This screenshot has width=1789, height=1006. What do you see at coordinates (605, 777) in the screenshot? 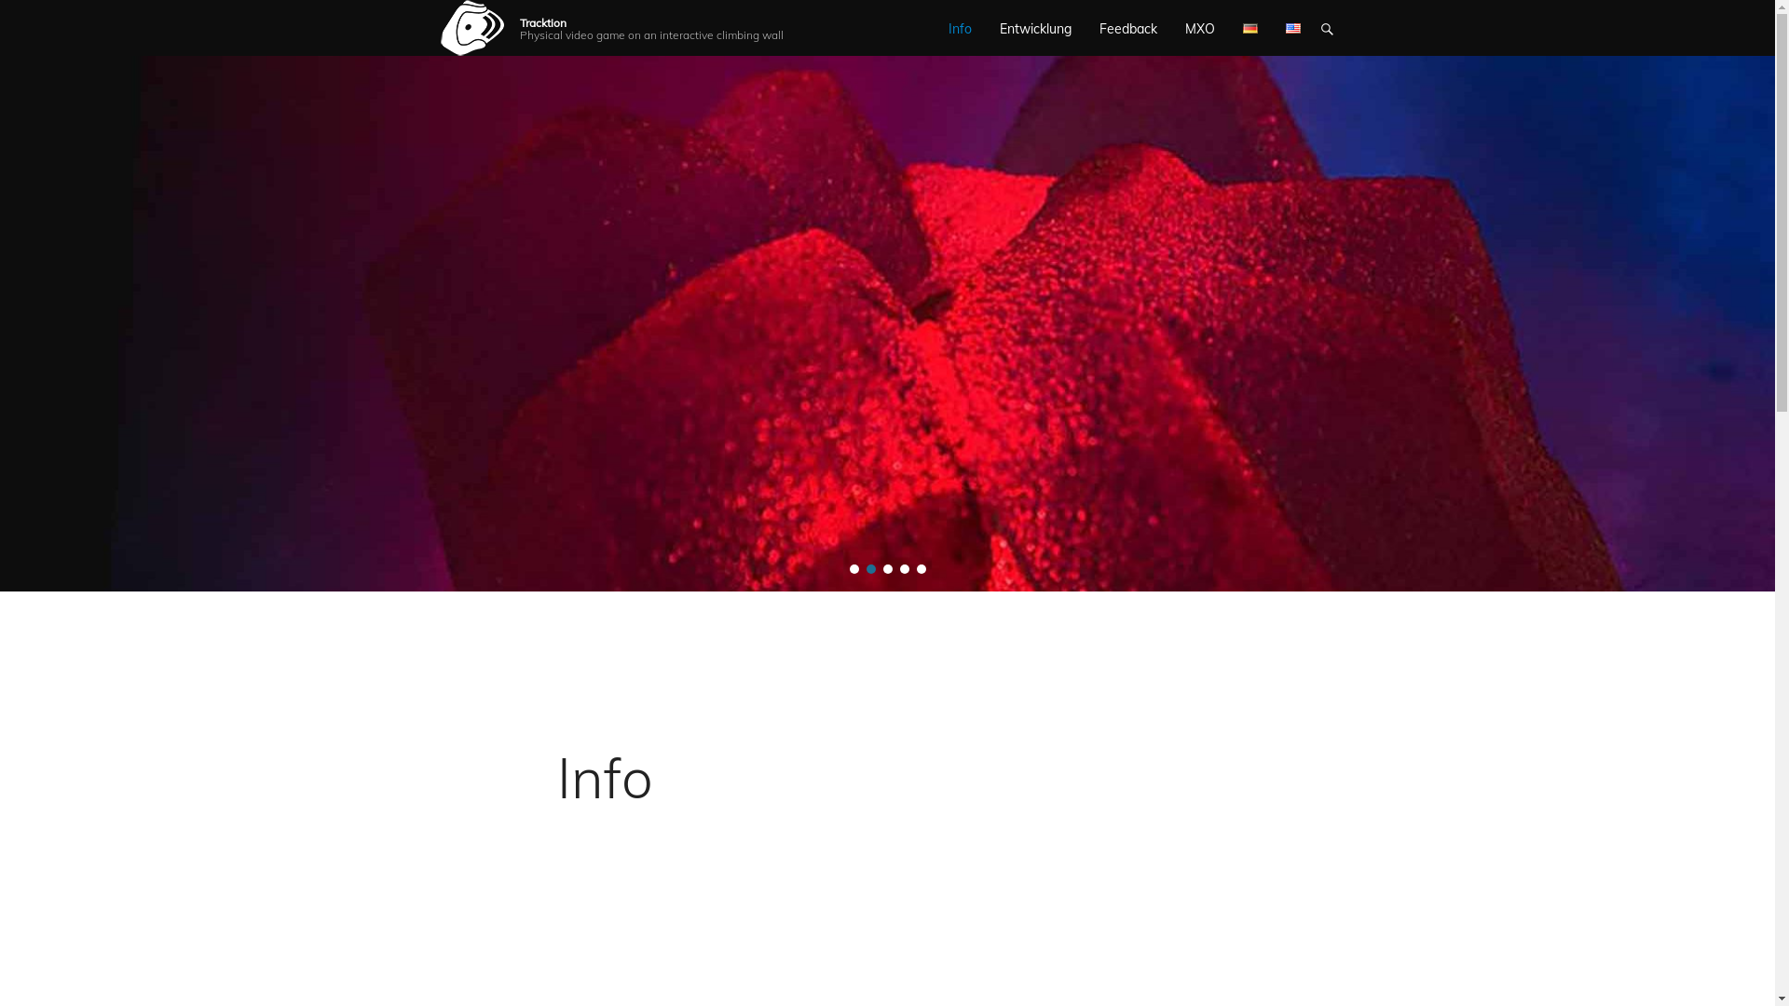
I see `'Info'` at bounding box center [605, 777].